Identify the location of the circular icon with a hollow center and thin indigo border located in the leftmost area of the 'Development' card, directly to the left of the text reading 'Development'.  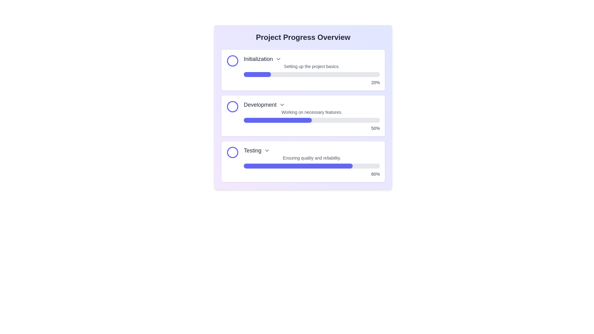
(232, 106).